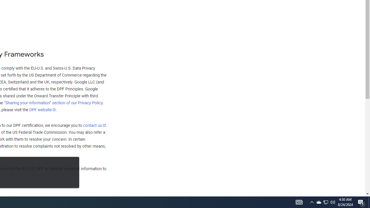  Describe the element at coordinates (95, 125) in the screenshot. I see `'contact us'` at that location.